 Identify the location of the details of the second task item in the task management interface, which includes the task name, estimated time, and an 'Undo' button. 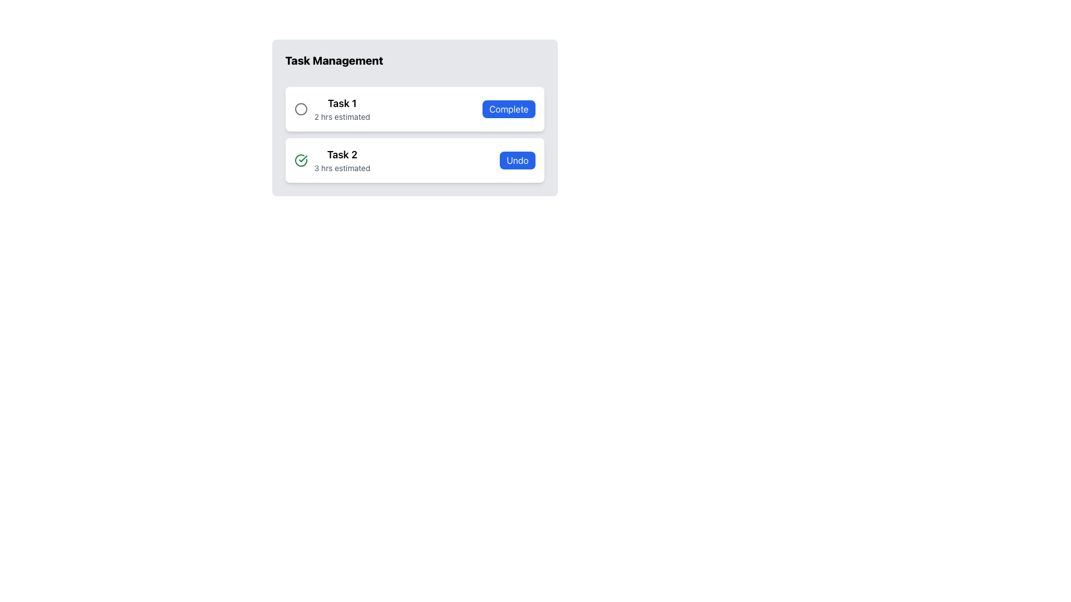
(414, 161).